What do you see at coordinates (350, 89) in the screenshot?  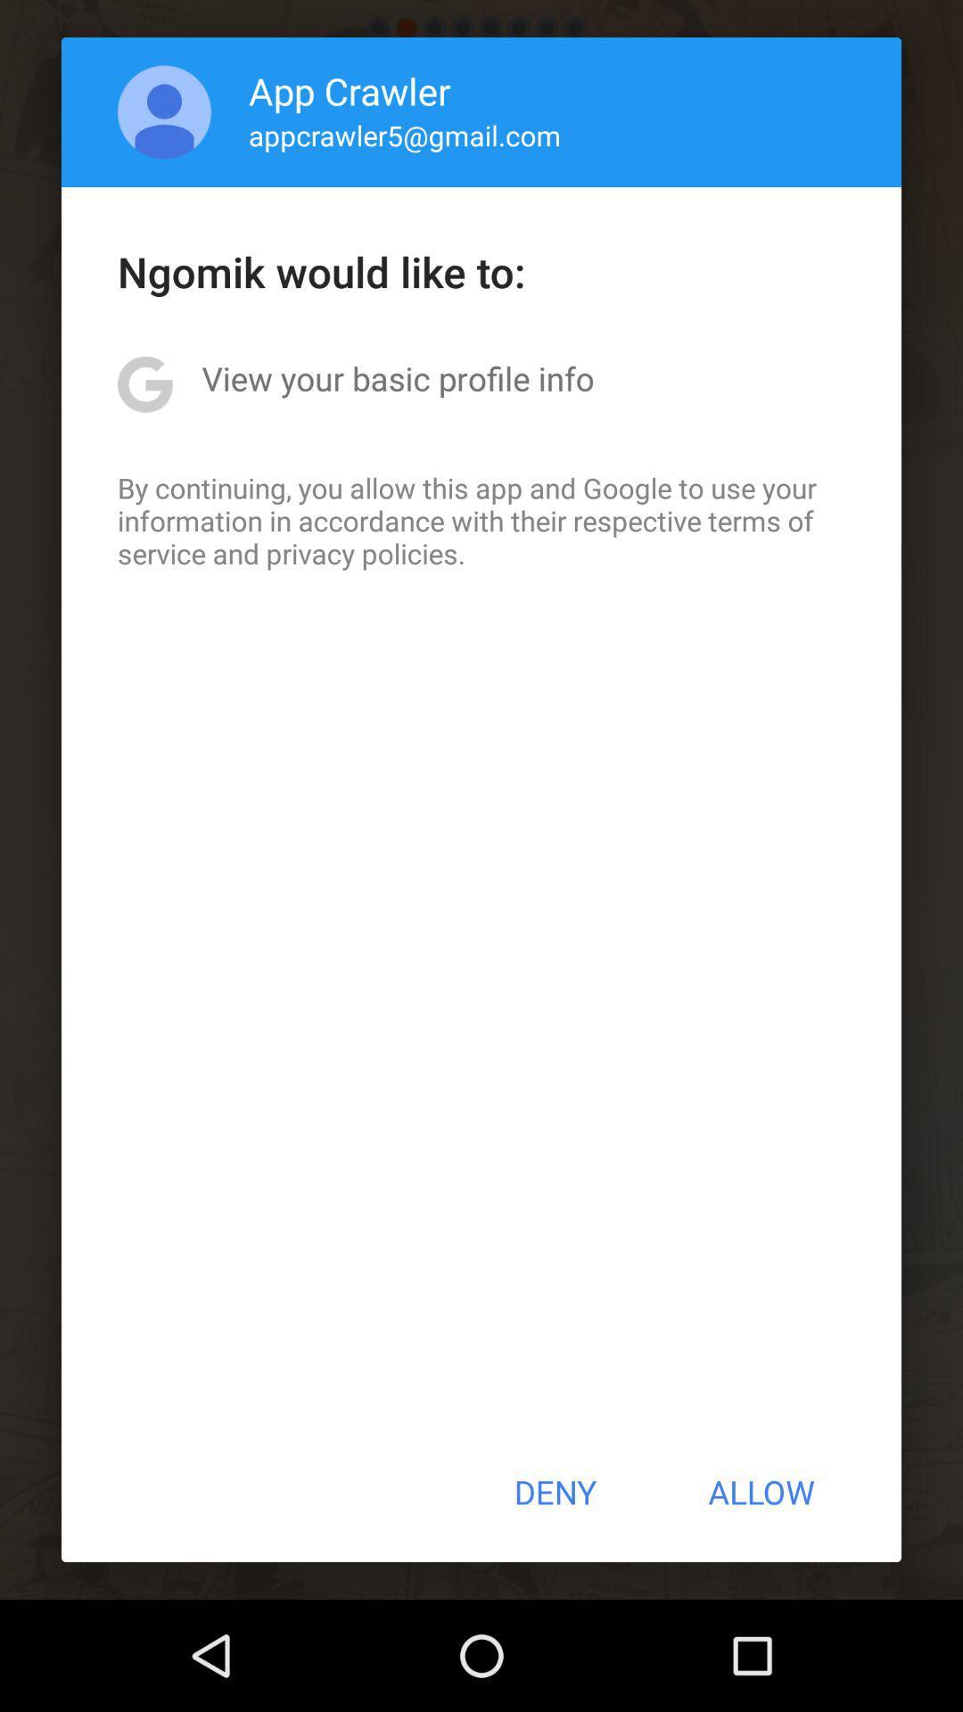 I see `the app crawler icon` at bounding box center [350, 89].